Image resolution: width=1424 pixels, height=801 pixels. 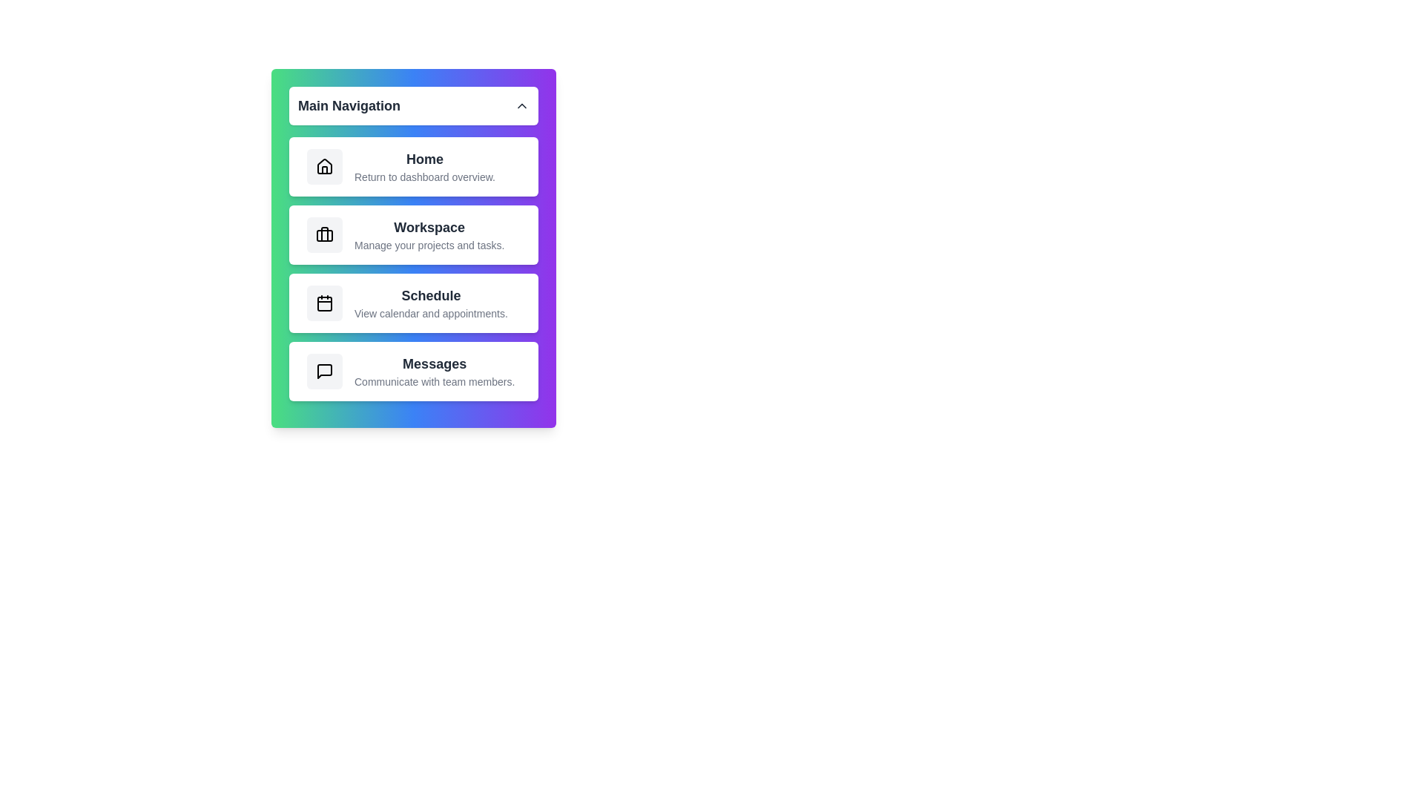 I want to click on the navigation item Workspace to observe the hover effect, so click(x=413, y=234).